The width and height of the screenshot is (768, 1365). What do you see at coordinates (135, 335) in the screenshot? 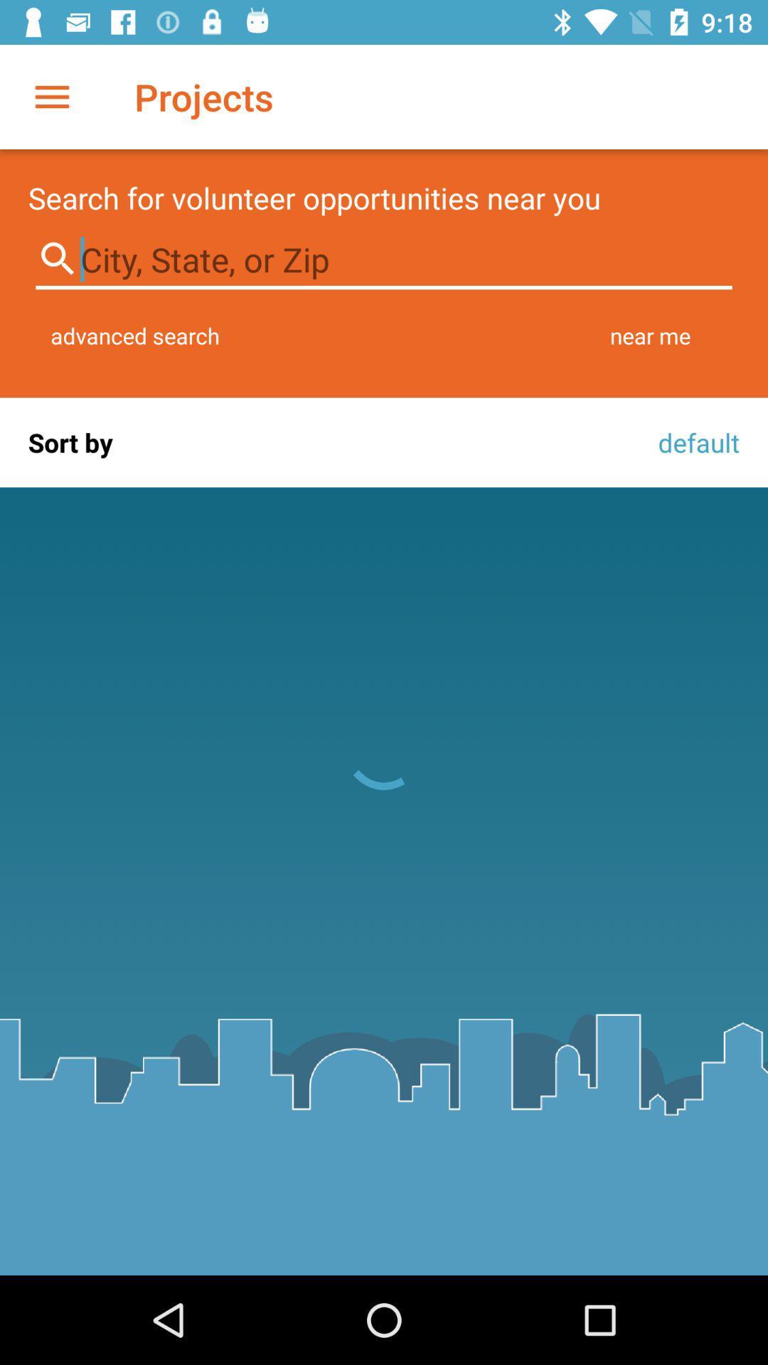
I see `the icon next to near me item` at bounding box center [135, 335].